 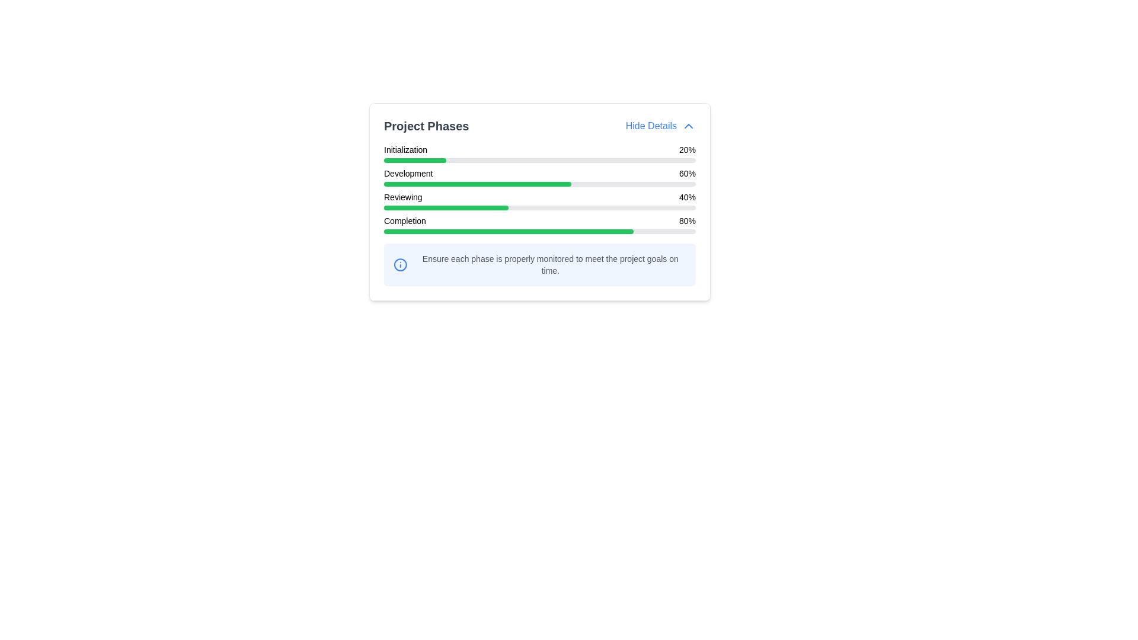 I want to click on the small, upward-pointing chevron icon indicating a 'collapse' action, located to the right of the 'Hide Details' text in the top right corner of the 'Project Phases' card, so click(x=688, y=126).